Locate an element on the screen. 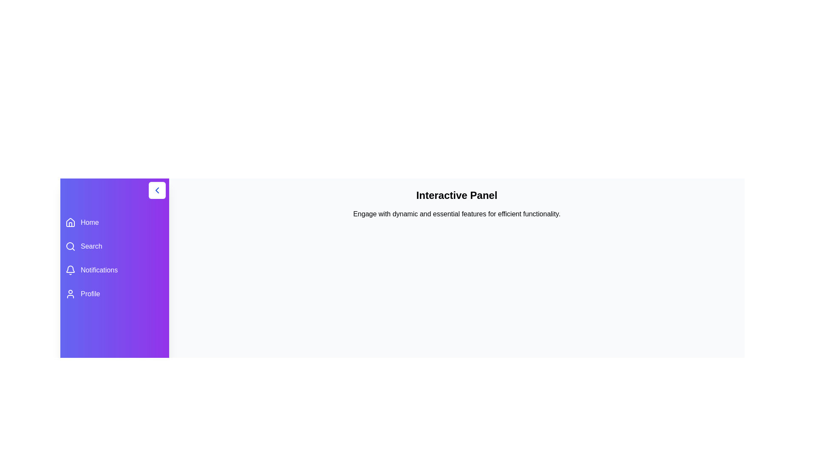 The image size is (816, 459). the menu item Notifications to view its hover effect is located at coordinates (114, 270).